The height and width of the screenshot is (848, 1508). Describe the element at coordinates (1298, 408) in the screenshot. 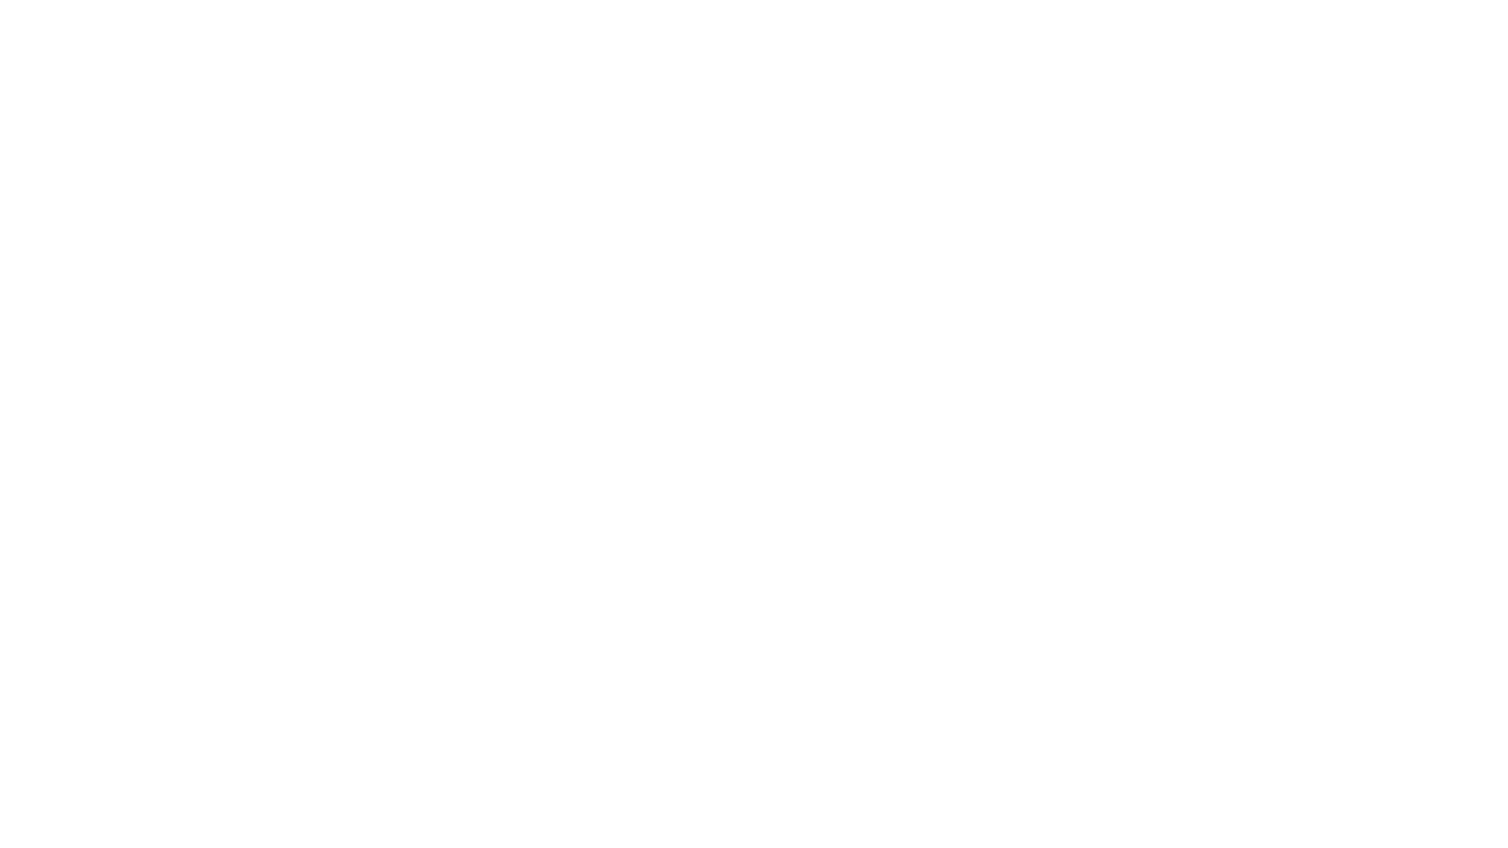

I see `Search` at that location.